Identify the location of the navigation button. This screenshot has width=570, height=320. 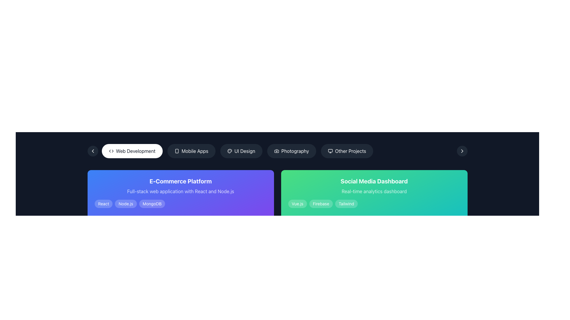
(462, 151).